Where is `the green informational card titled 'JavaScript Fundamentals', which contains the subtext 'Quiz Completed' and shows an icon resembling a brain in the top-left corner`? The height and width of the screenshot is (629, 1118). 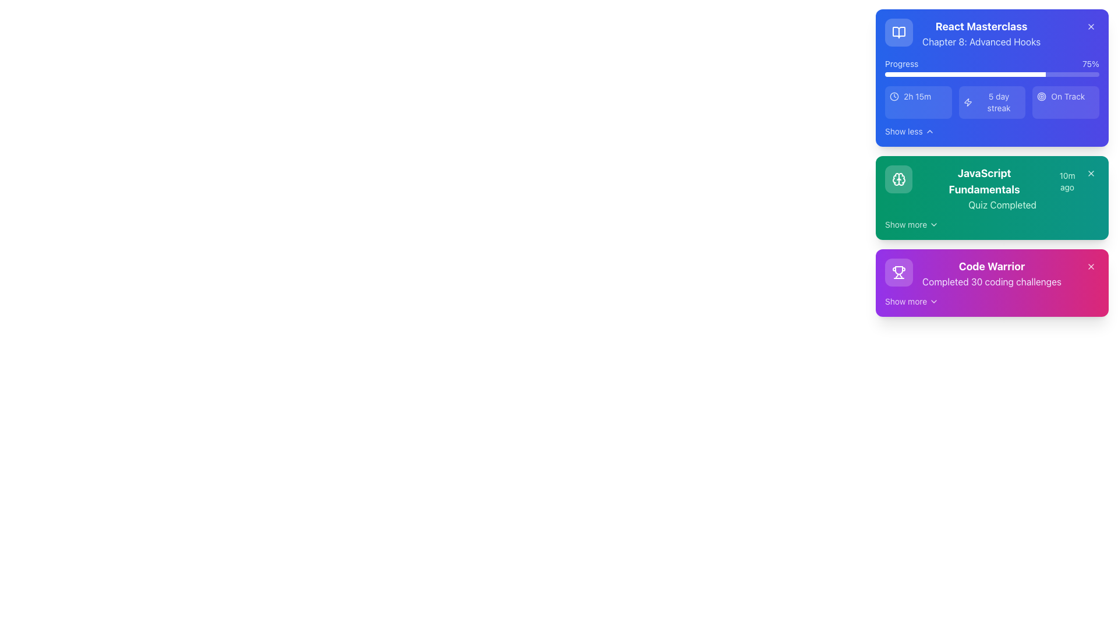 the green informational card titled 'JavaScript Fundamentals', which contains the subtext 'Quiz Completed' and shows an icon resembling a brain in the top-left corner is located at coordinates (992, 197).